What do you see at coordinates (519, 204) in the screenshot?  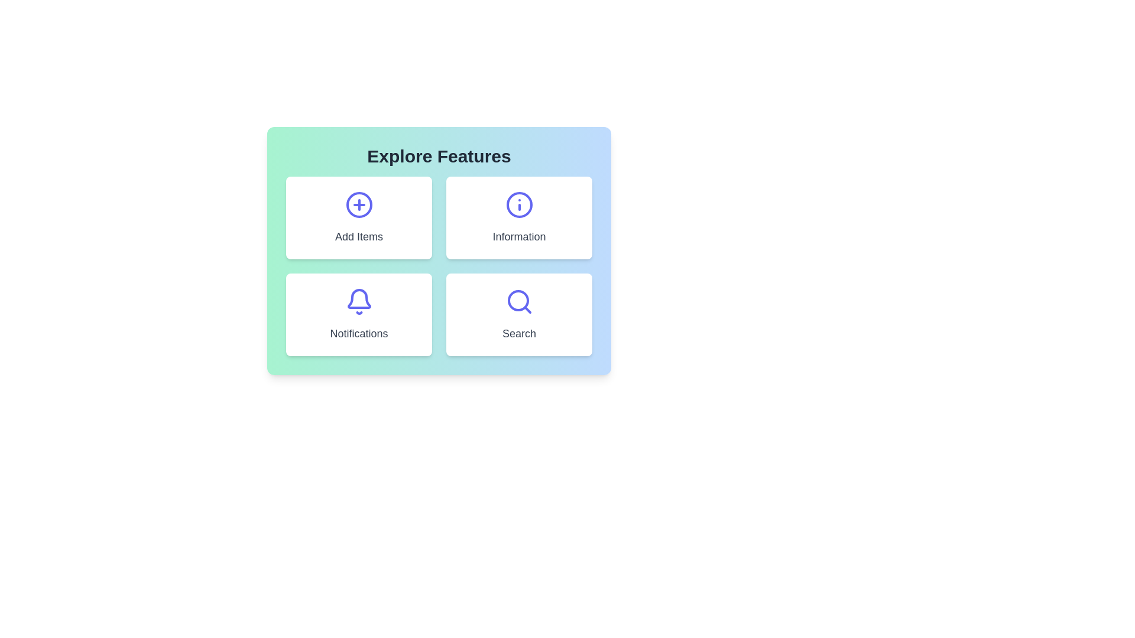 I see `the circular information icon, which is centered above the 'Information' label within a white card in the top-right quadrant of the grid beneath the 'Explore Features' heading` at bounding box center [519, 204].